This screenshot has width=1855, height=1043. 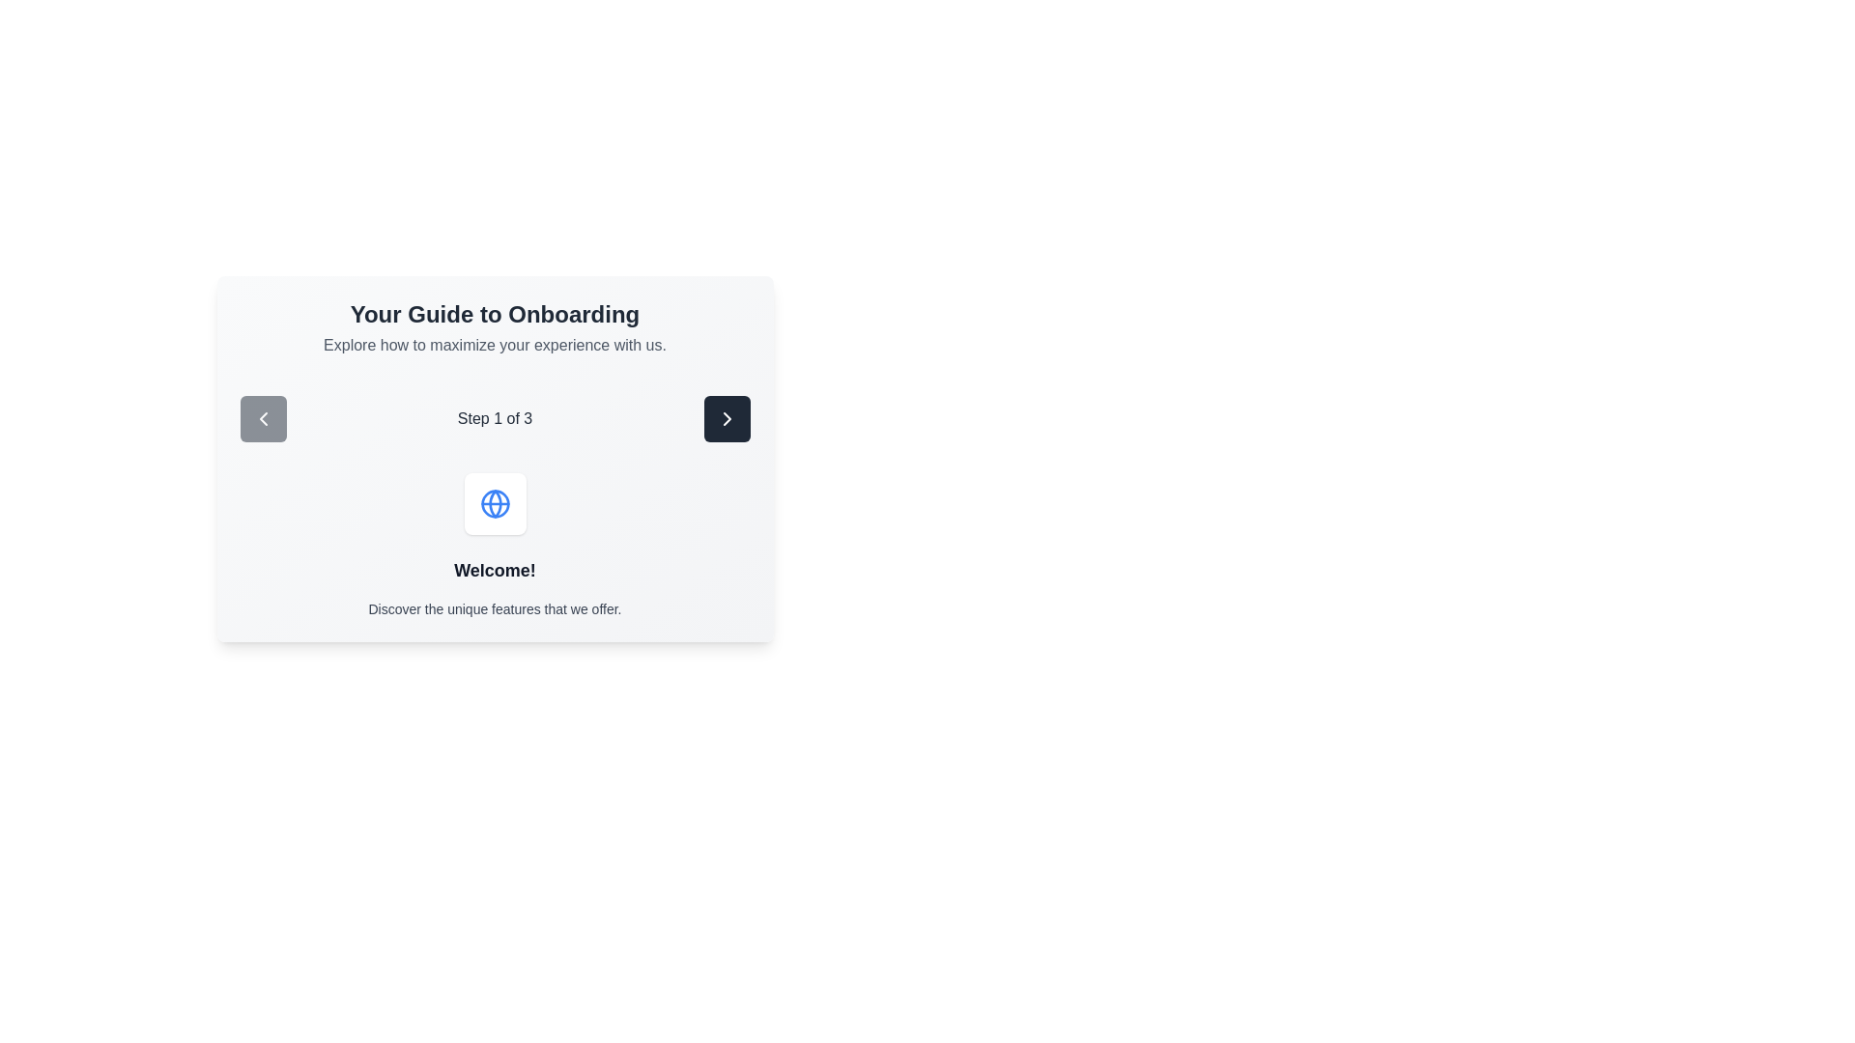 I want to click on the arrow icon located on the left side of the onboarding interface, so click(x=262, y=418).